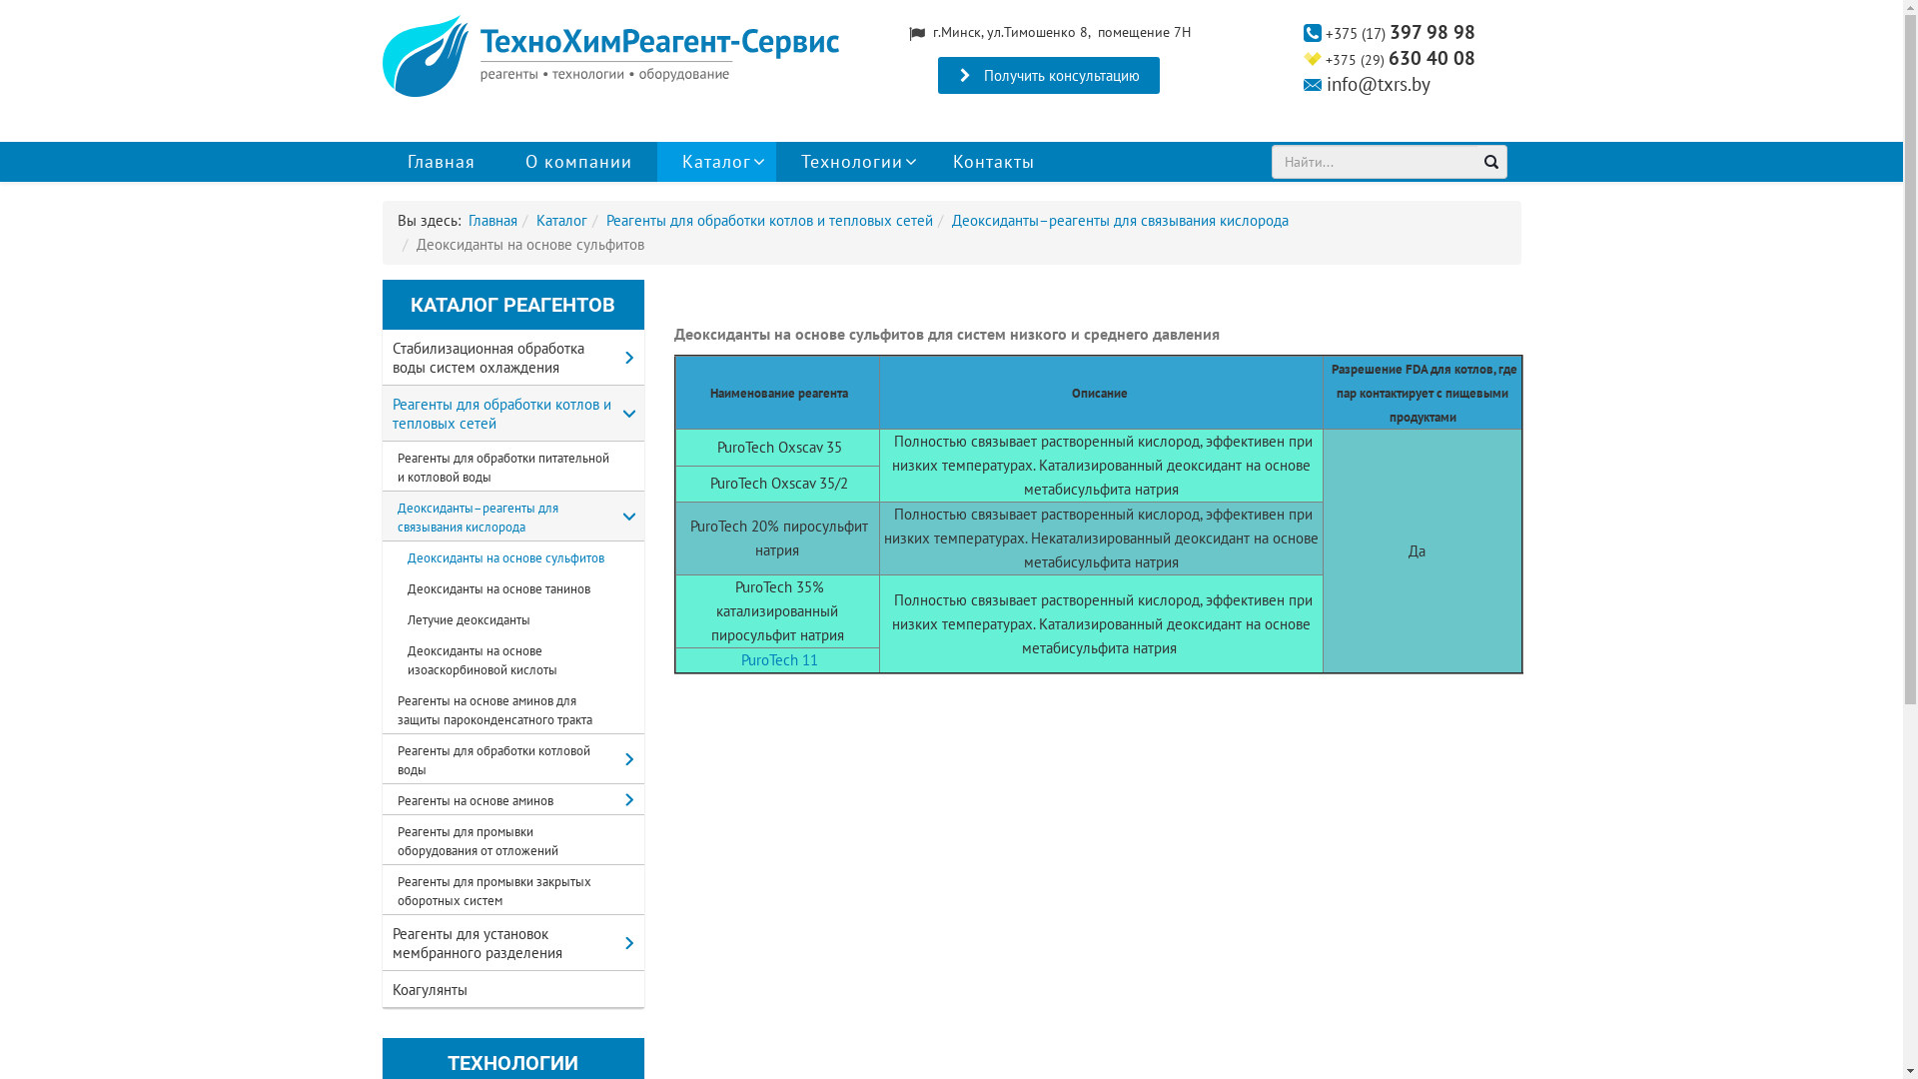 This screenshot has width=1918, height=1079. What do you see at coordinates (1399, 59) in the screenshot?
I see `'+375 (29) 630 40 08'` at bounding box center [1399, 59].